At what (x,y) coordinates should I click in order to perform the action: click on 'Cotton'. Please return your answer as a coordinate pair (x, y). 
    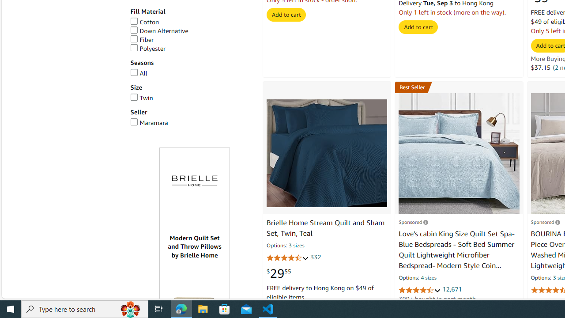
    Looking at the image, I should click on (144, 22).